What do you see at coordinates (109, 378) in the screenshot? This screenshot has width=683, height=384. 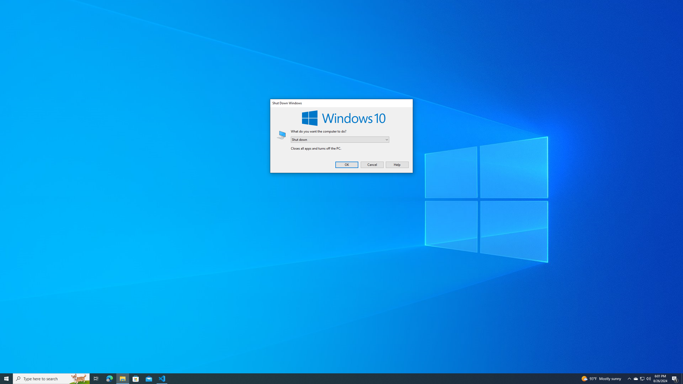 I see `'Search highlights icon opens search home window'` at bounding box center [109, 378].